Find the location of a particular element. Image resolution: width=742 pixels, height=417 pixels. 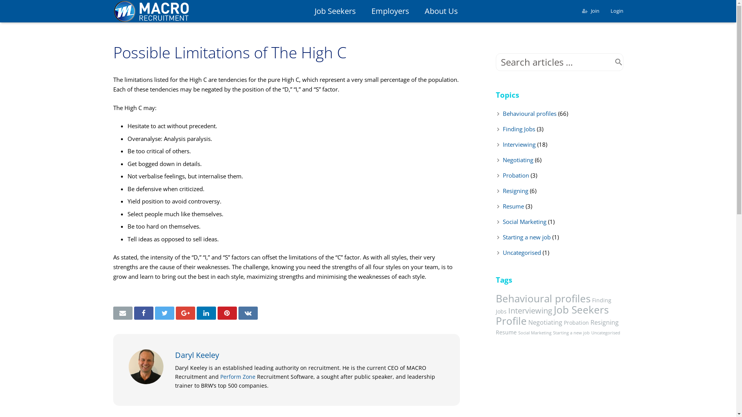

'Interviewing' is located at coordinates (529, 310).